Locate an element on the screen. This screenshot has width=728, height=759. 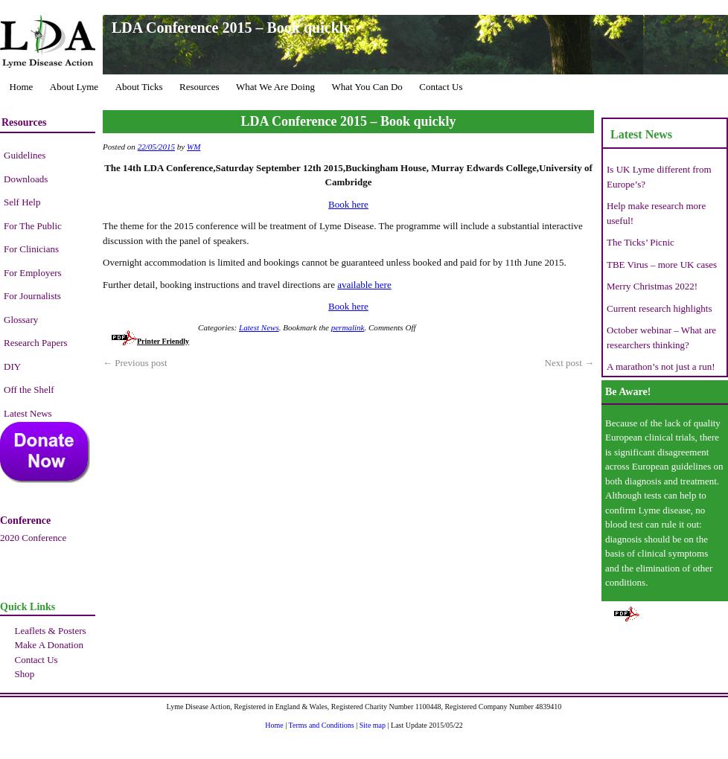
'Bookmark the' is located at coordinates (306, 326).